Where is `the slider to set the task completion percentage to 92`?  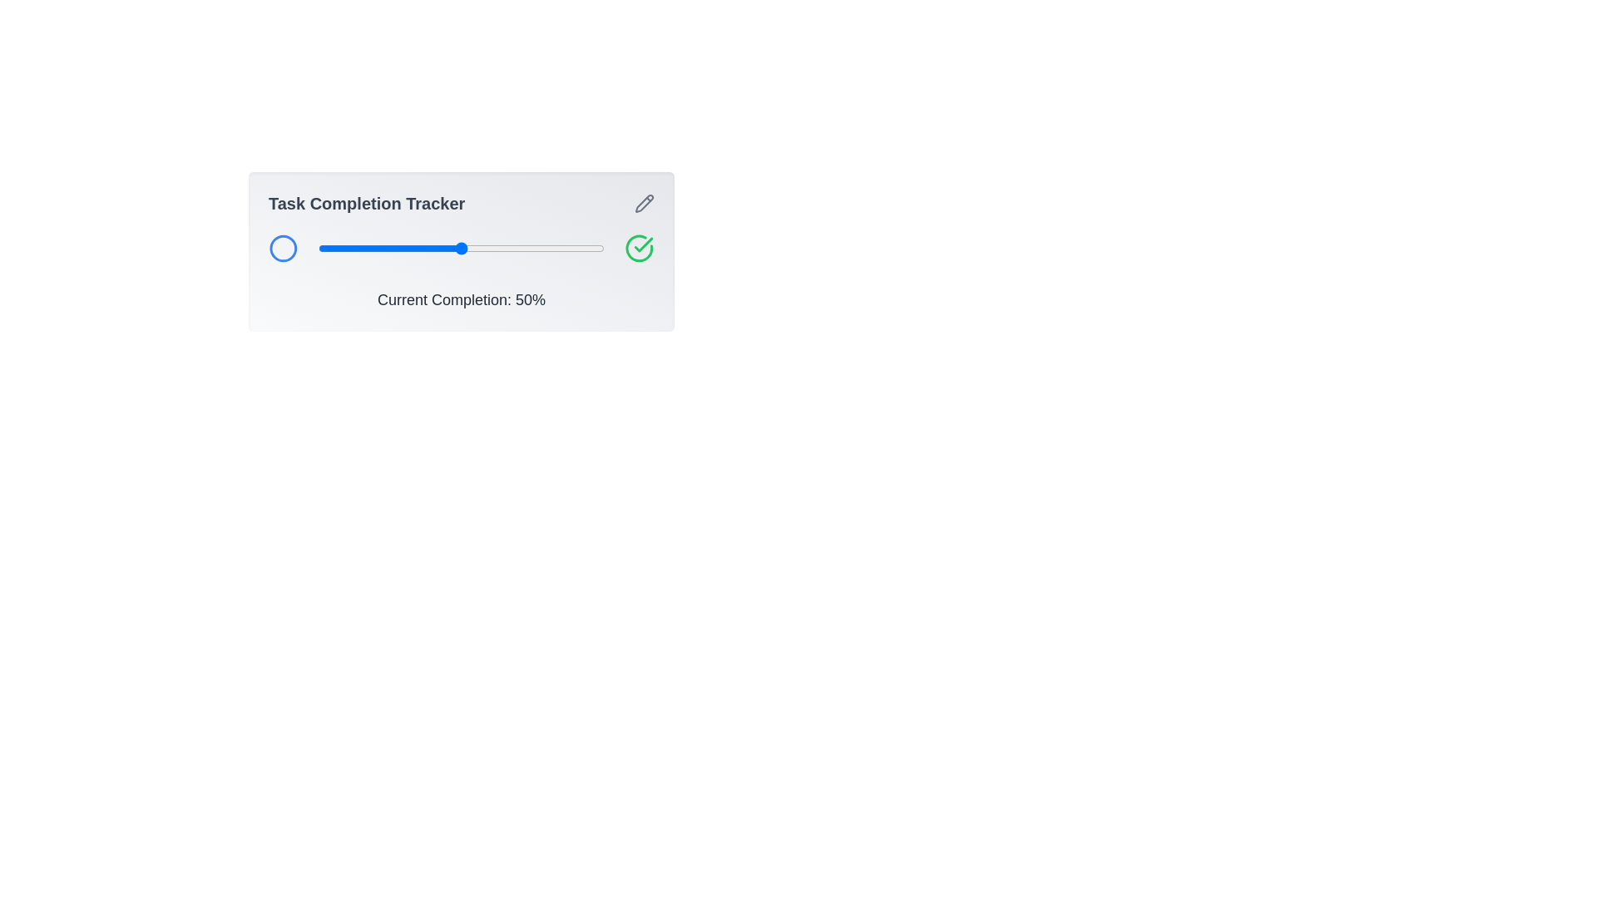
the slider to set the task completion percentage to 92 is located at coordinates (581, 249).